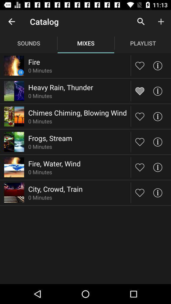 The image size is (171, 304). What do you see at coordinates (141, 22) in the screenshot?
I see `the icon above playlist icon` at bounding box center [141, 22].